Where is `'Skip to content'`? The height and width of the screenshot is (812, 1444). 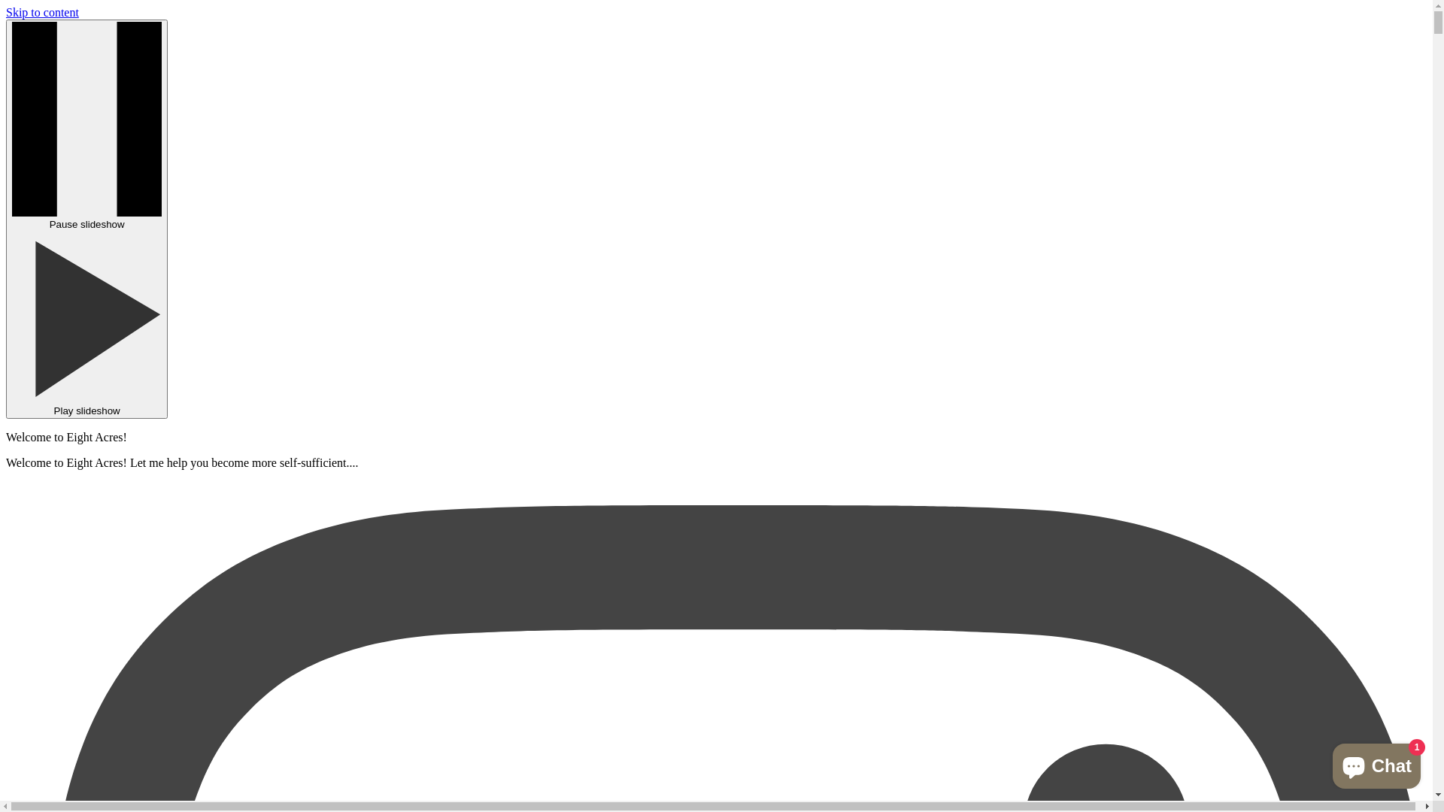
'Skip to content' is located at coordinates (6, 12).